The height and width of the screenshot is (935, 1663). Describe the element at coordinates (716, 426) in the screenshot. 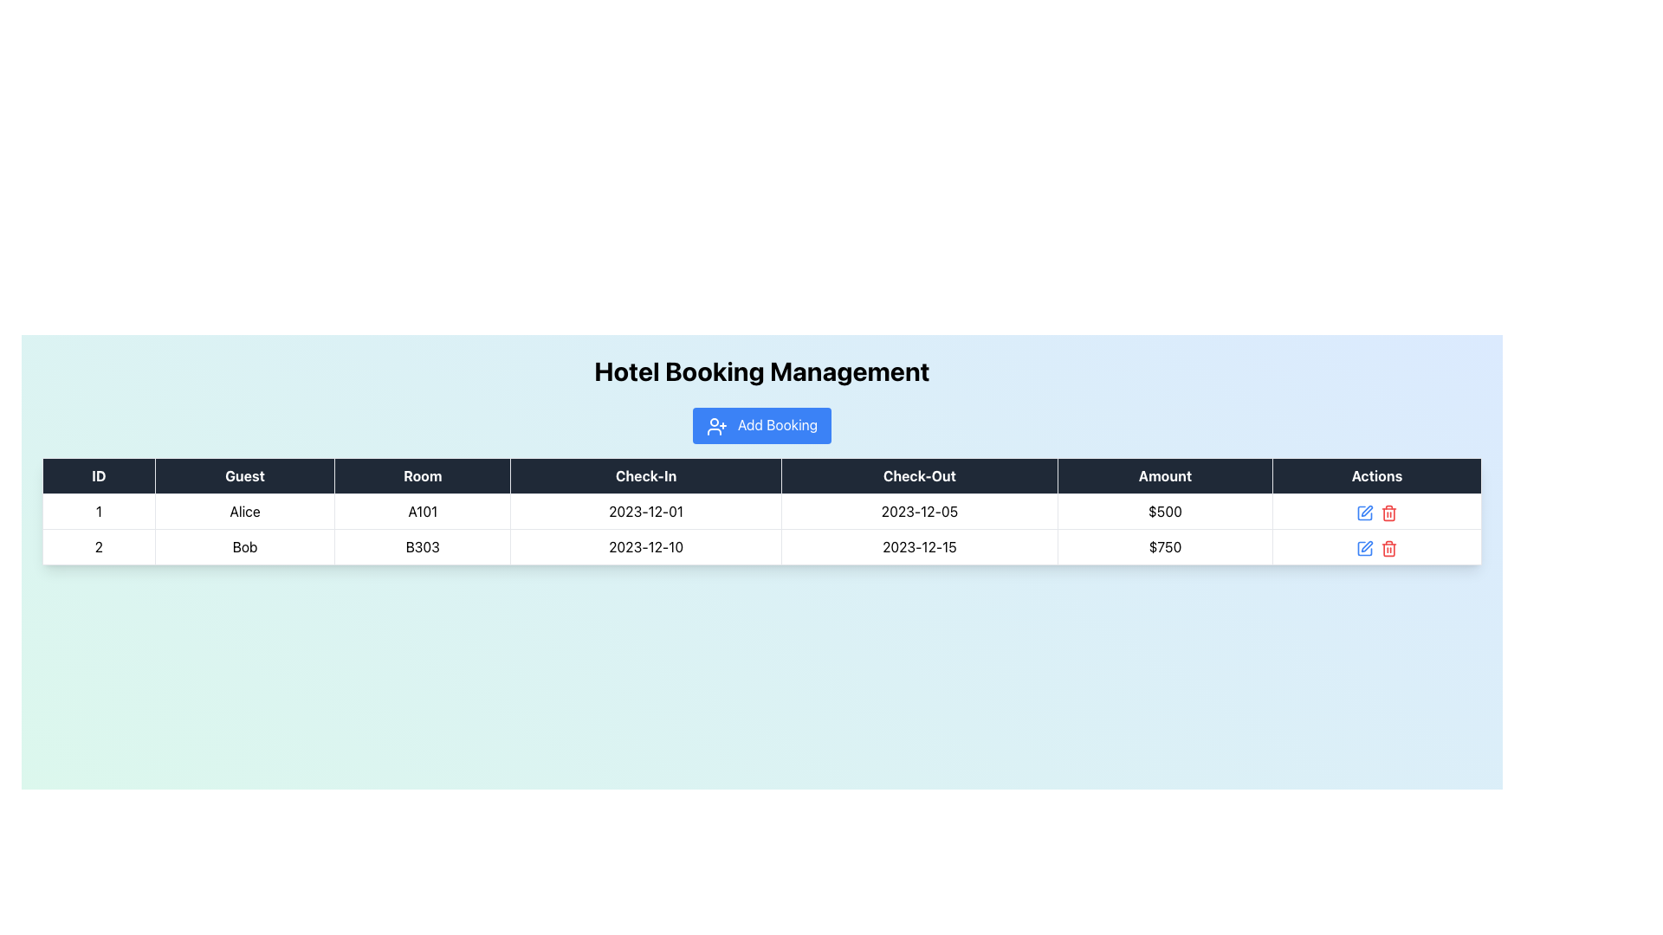

I see `the decorative icon located within the 'Add Booking' button, positioned to the left of the text label` at that location.